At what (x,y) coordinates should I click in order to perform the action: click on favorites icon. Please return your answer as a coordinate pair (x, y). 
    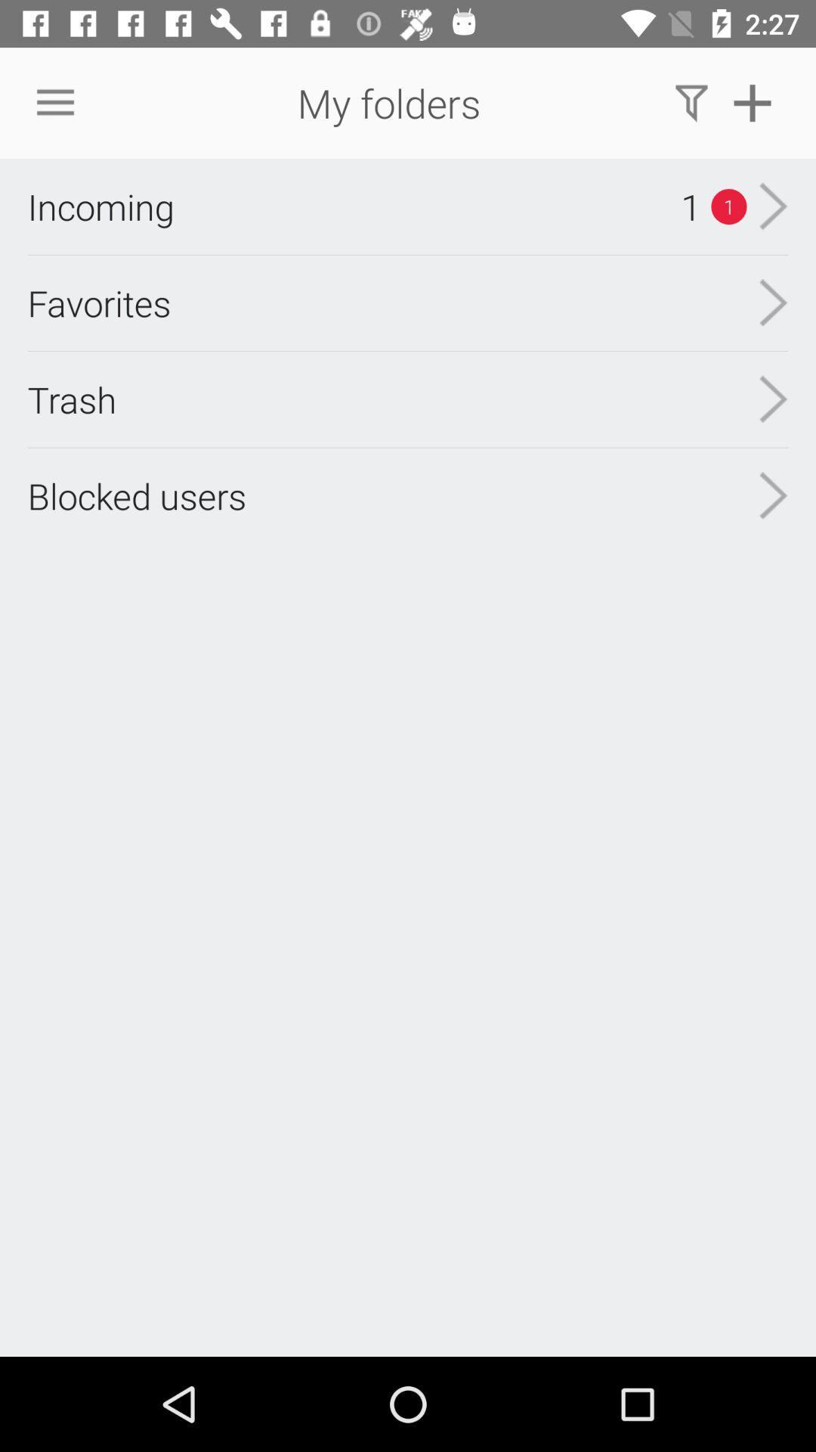
    Looking at the image, I should click on (99, 302).